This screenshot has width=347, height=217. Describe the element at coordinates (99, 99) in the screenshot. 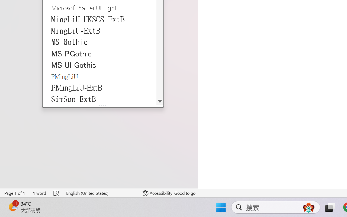

I see `'SimSun-ExtB'` at that location.